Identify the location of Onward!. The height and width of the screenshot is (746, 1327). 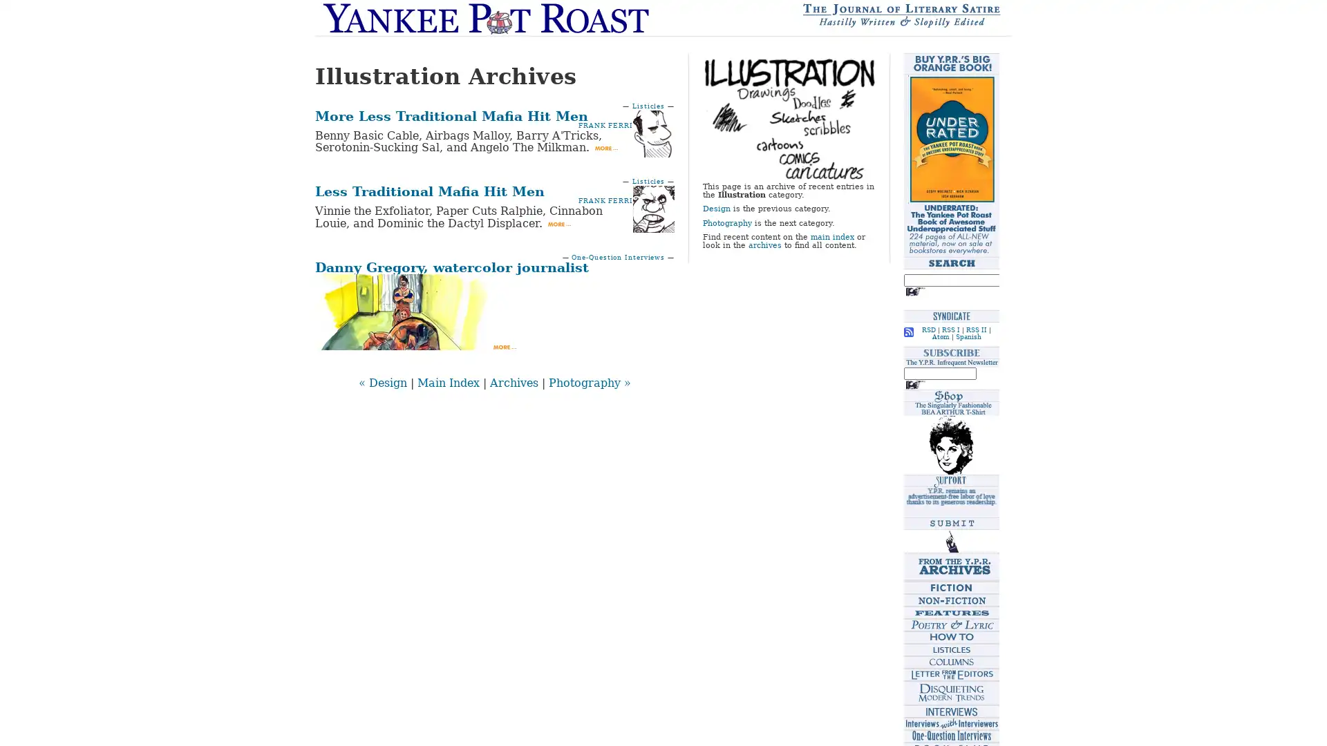
(915, 384).